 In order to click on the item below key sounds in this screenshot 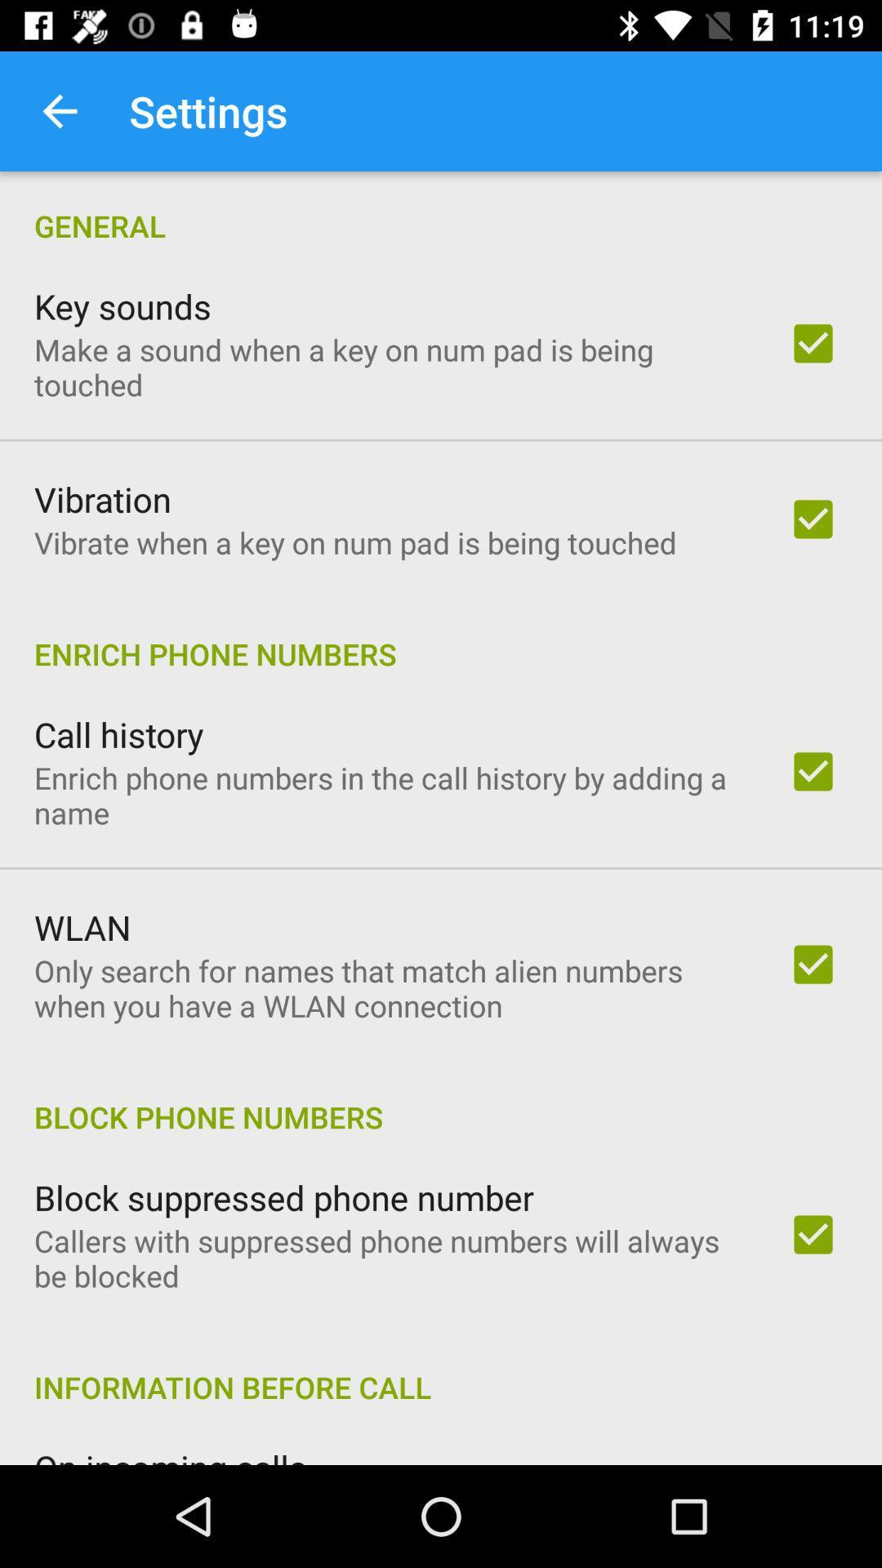, I will do `click(390, 366)`.